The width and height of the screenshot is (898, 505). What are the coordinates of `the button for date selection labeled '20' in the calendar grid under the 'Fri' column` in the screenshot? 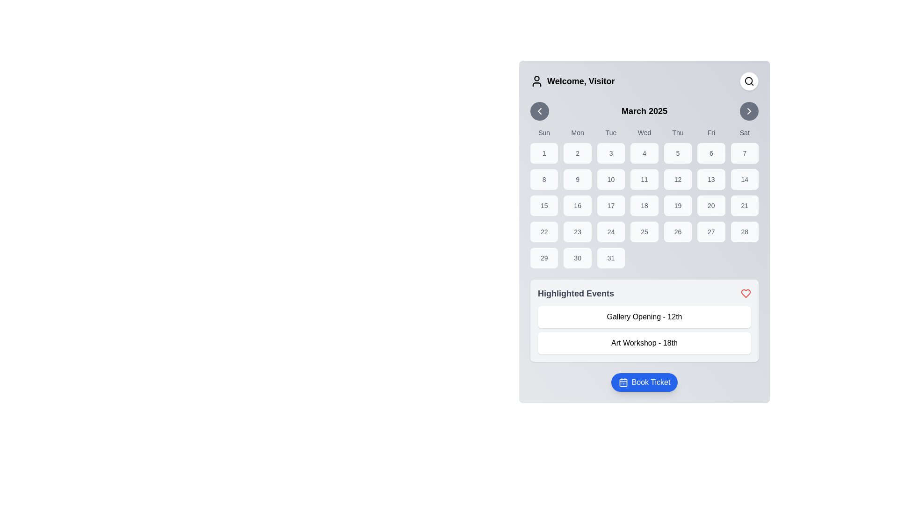 It's located at (711, 205).